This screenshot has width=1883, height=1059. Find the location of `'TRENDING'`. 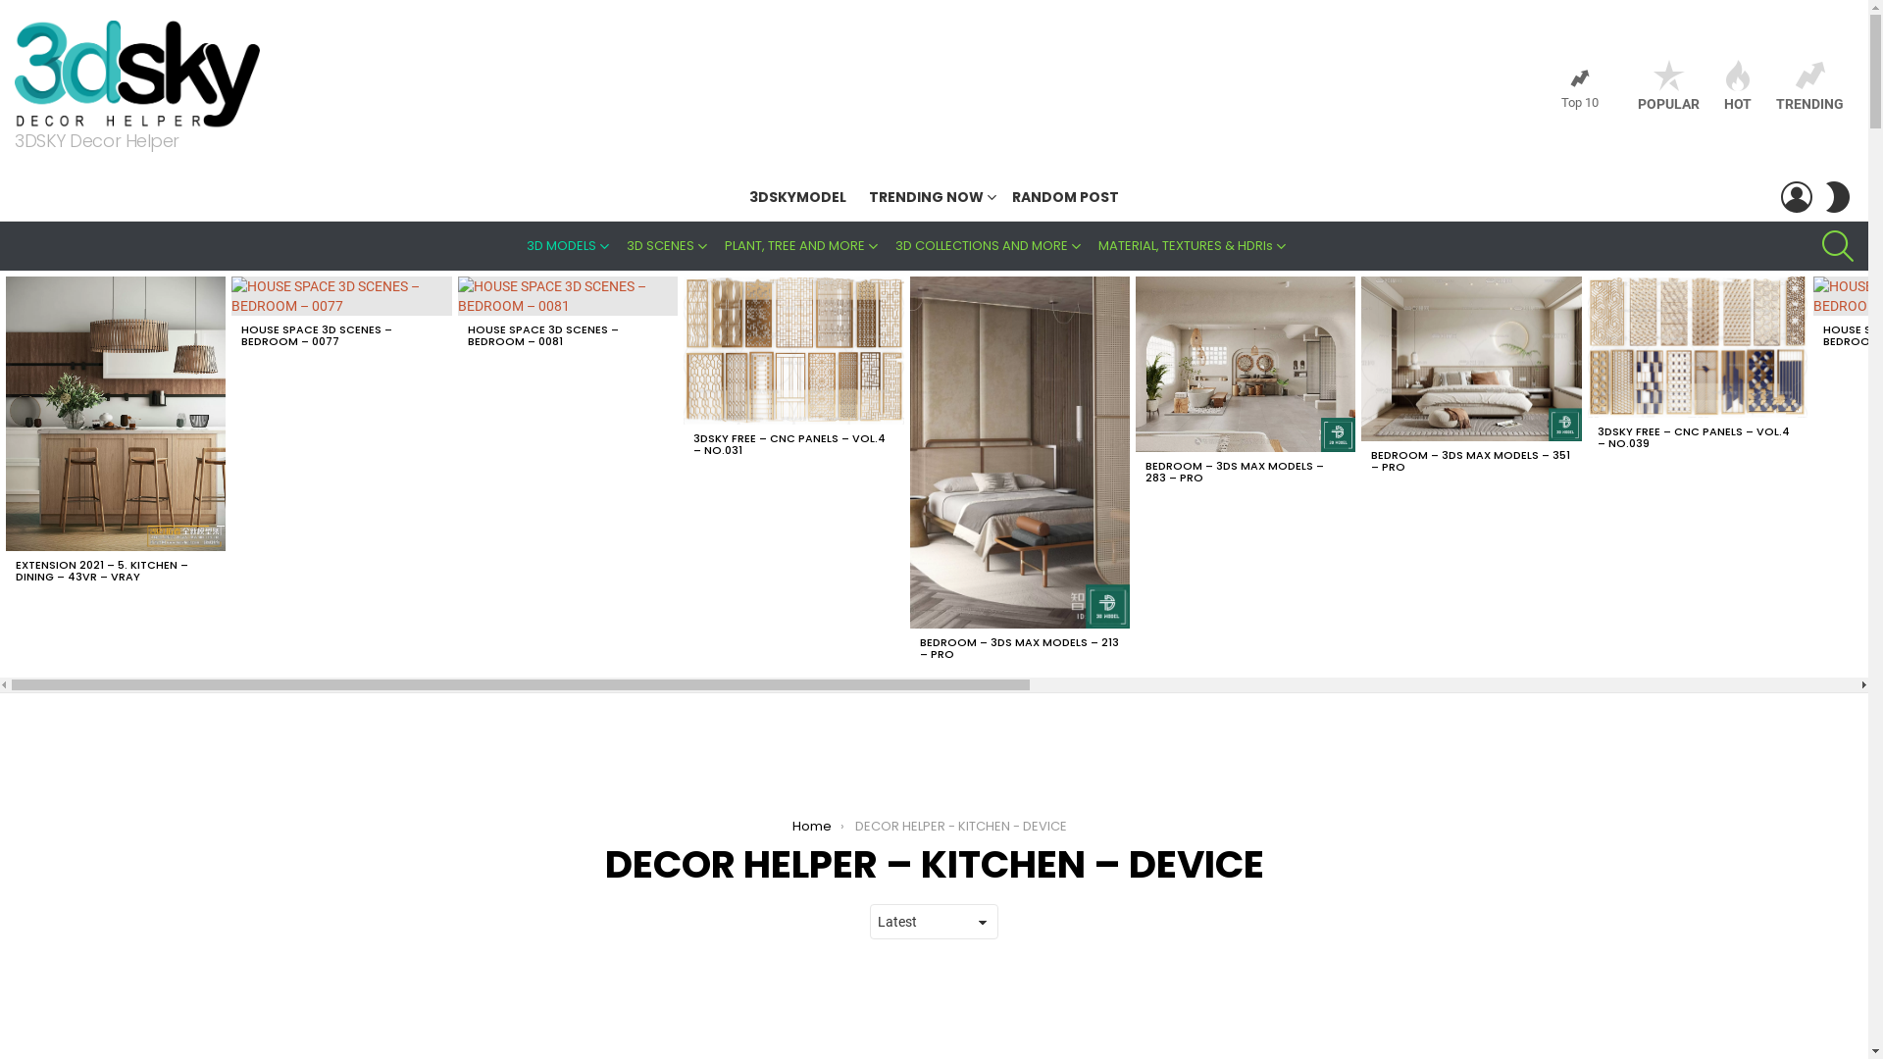

'TRENDING' is located at coordinates (1808, 85).